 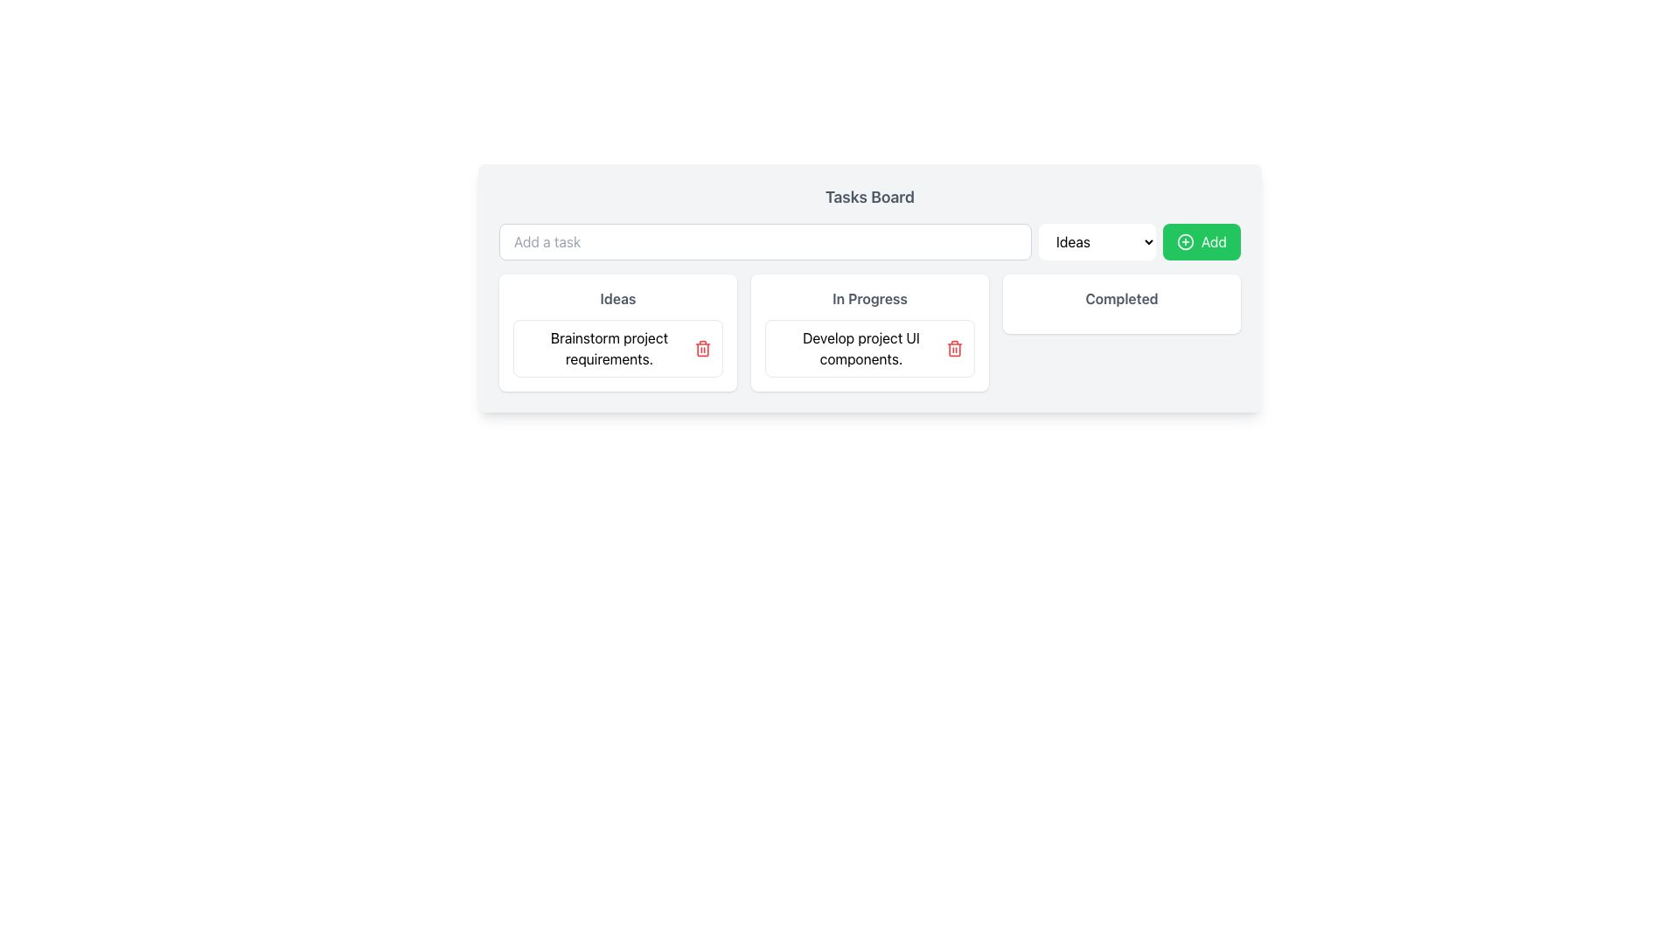 I want to click on the text label displaying the task title 'Develop project UI components.' to focus on it within the 'In Progress' column of the task management board, so click(x=860, y=348).